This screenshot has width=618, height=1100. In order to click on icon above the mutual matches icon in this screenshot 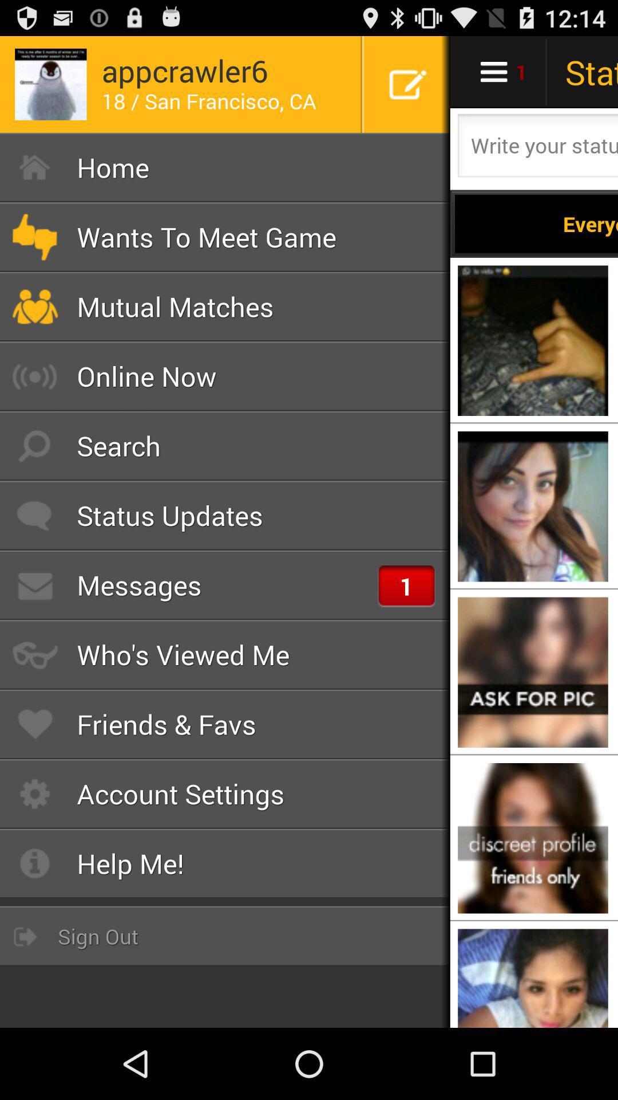, I will do `click(225, 236)`.